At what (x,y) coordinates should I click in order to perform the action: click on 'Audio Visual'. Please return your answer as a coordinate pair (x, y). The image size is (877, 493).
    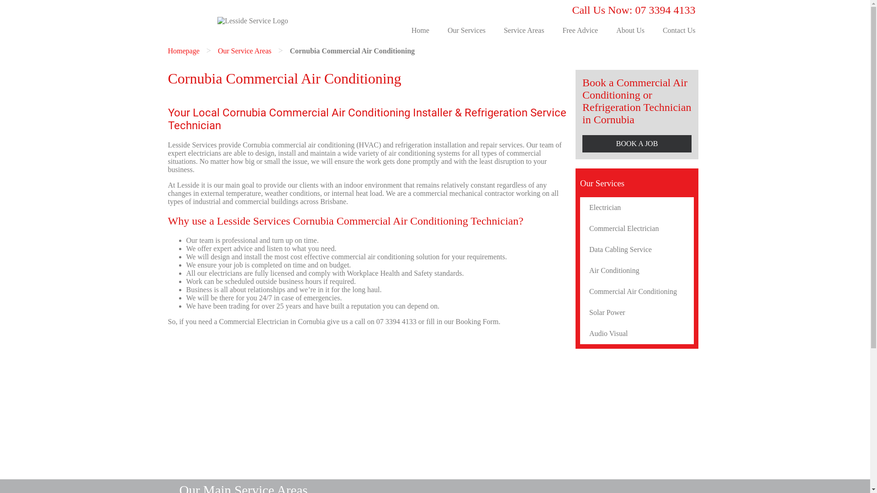
    Looking at the image, I should click on (636, 334).